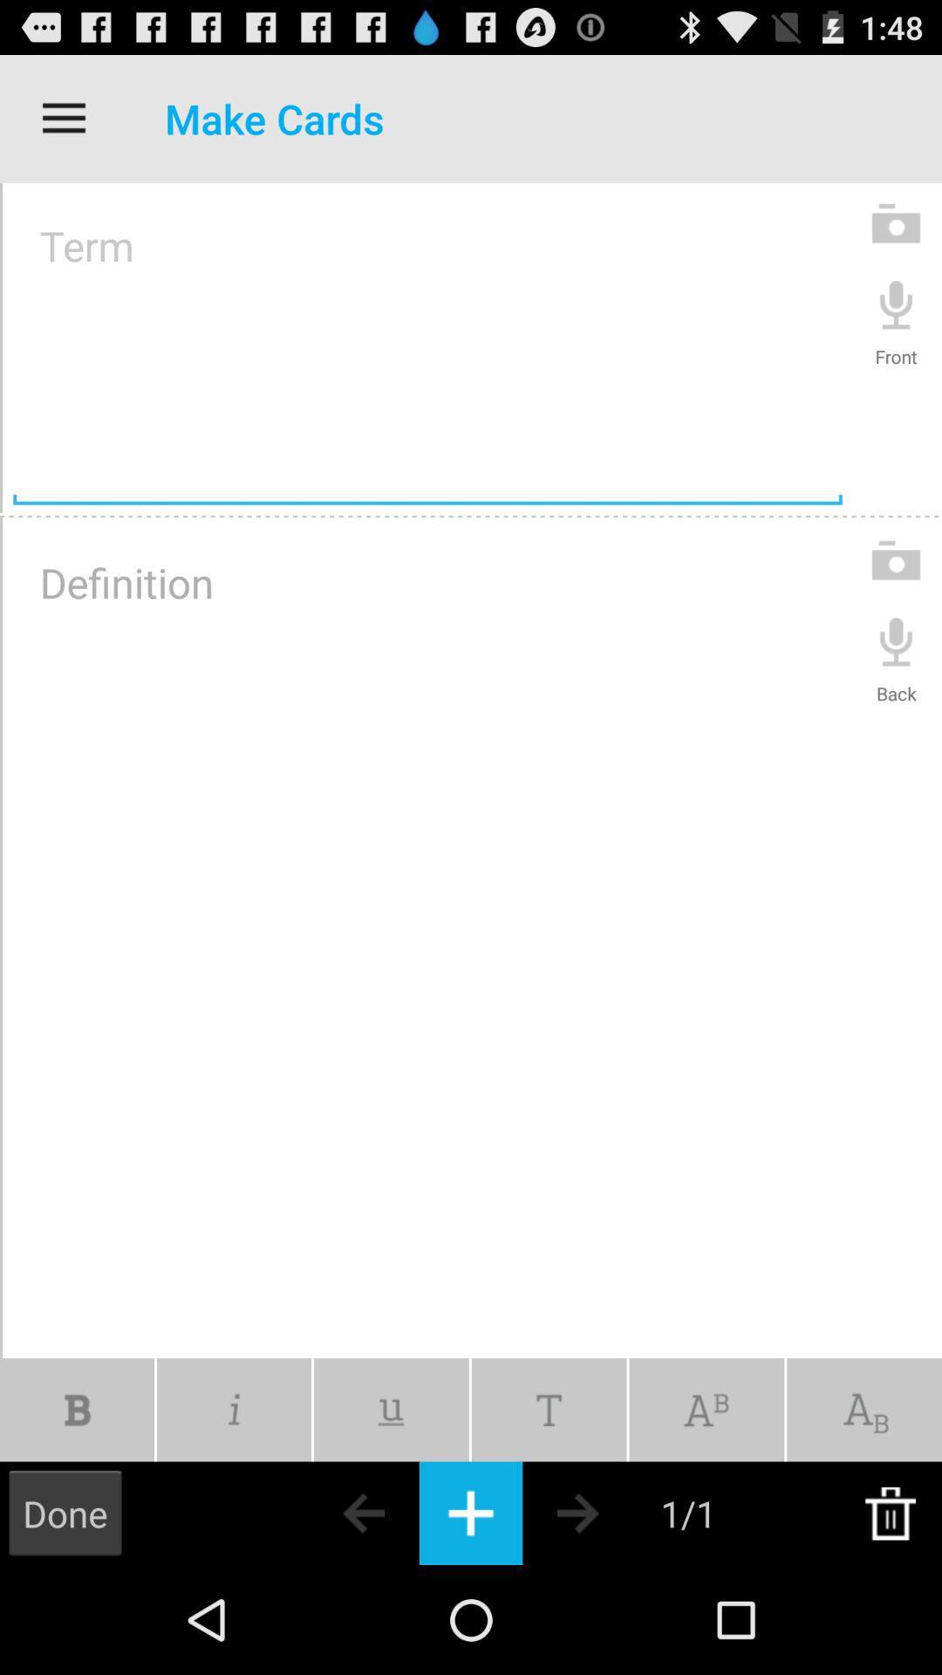 The height and width of the screenshot is (1675, 942). What do you see at coordinates (332, 1512) in the screenshot?
I see `go back` at bounding box center [332, 1512].